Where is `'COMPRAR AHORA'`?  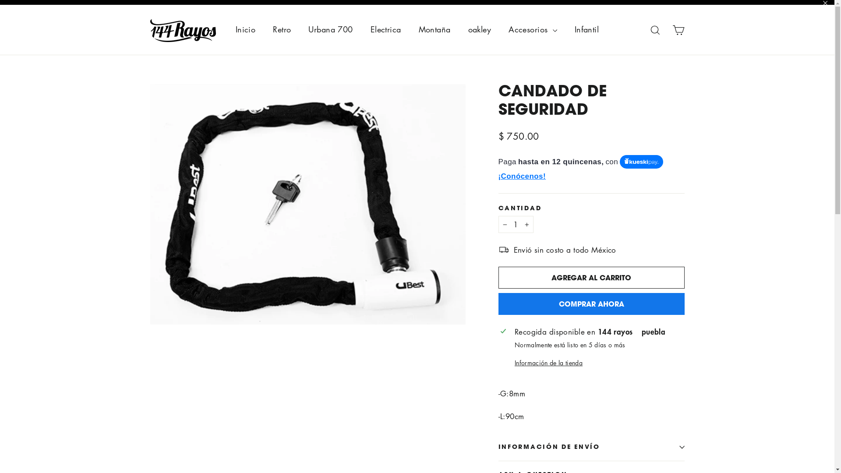
'COMPRAR AHORA' is located at coordinates (591, 304).